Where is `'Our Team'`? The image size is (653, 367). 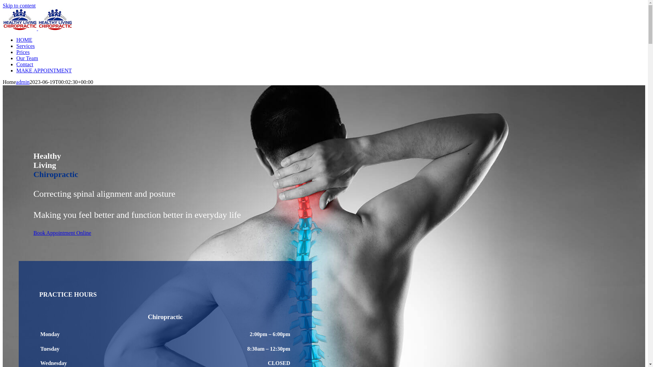 'Our Team' is located at coordinates (27, 58).